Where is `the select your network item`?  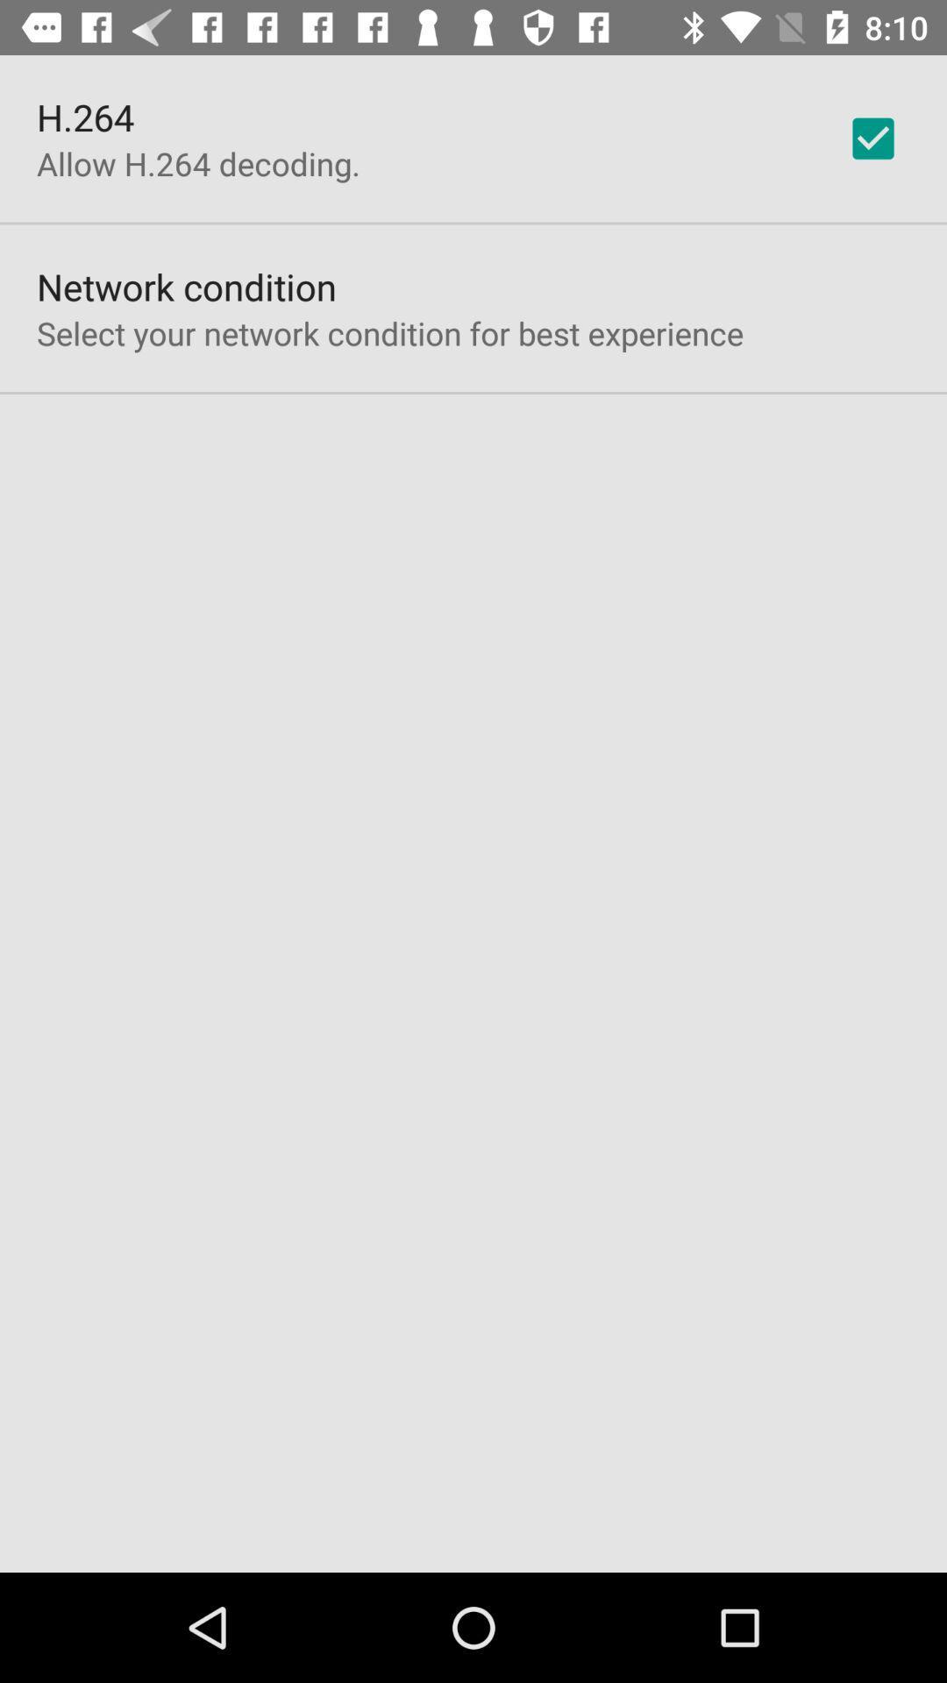
the select your network item is located at coordinates (389, 333).